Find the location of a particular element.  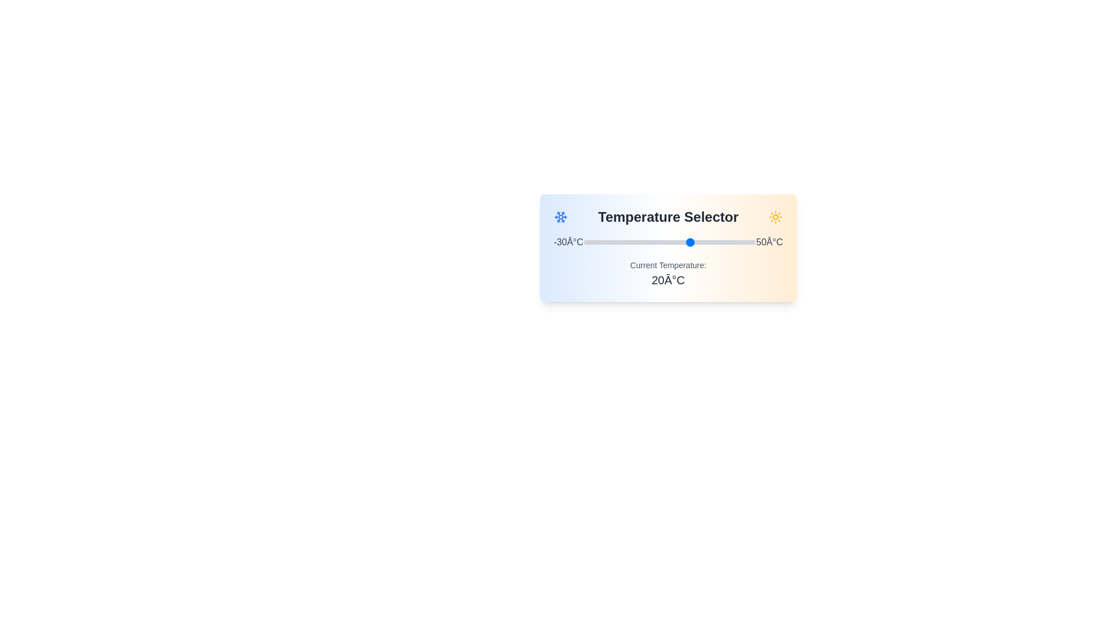

displayed temperature from the text label showing '20°C', which is styled in bold dark gray and is centrally located below the 'Current Temperature:' label is located at coordinates (668, 280).